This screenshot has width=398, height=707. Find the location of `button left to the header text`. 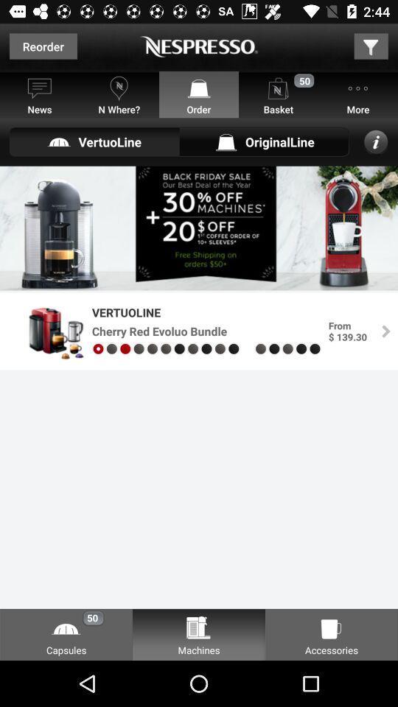

button left to the header text is located at coordinates (43, 46).